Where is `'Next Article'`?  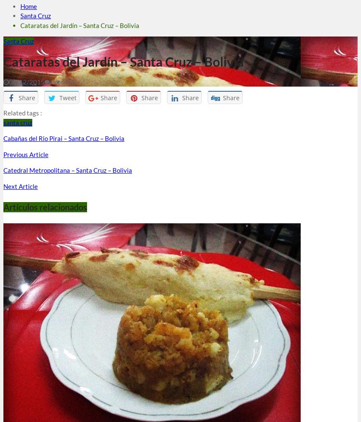 'Next Article' is located at coordinates (20, 186).